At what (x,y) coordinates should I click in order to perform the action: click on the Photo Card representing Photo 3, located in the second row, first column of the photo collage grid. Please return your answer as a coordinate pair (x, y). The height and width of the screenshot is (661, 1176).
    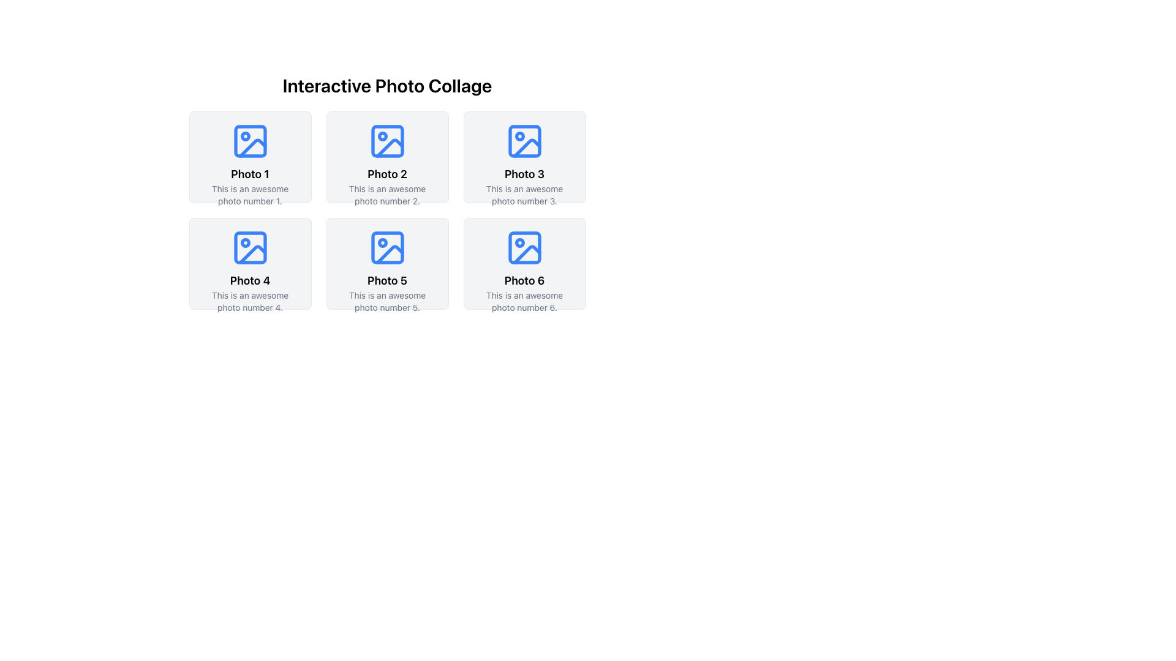
    Looking at the image, I should click on (524, 157).